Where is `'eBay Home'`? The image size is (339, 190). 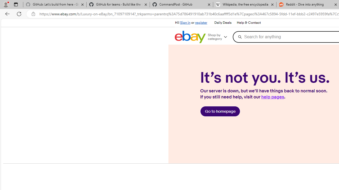
'eBay Home' is located at coordinates (190, 37).